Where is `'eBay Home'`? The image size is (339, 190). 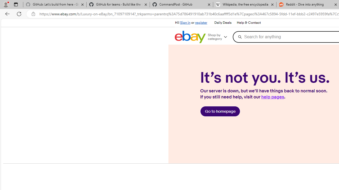
'eBay Home' is located at coordinates (190, 37).